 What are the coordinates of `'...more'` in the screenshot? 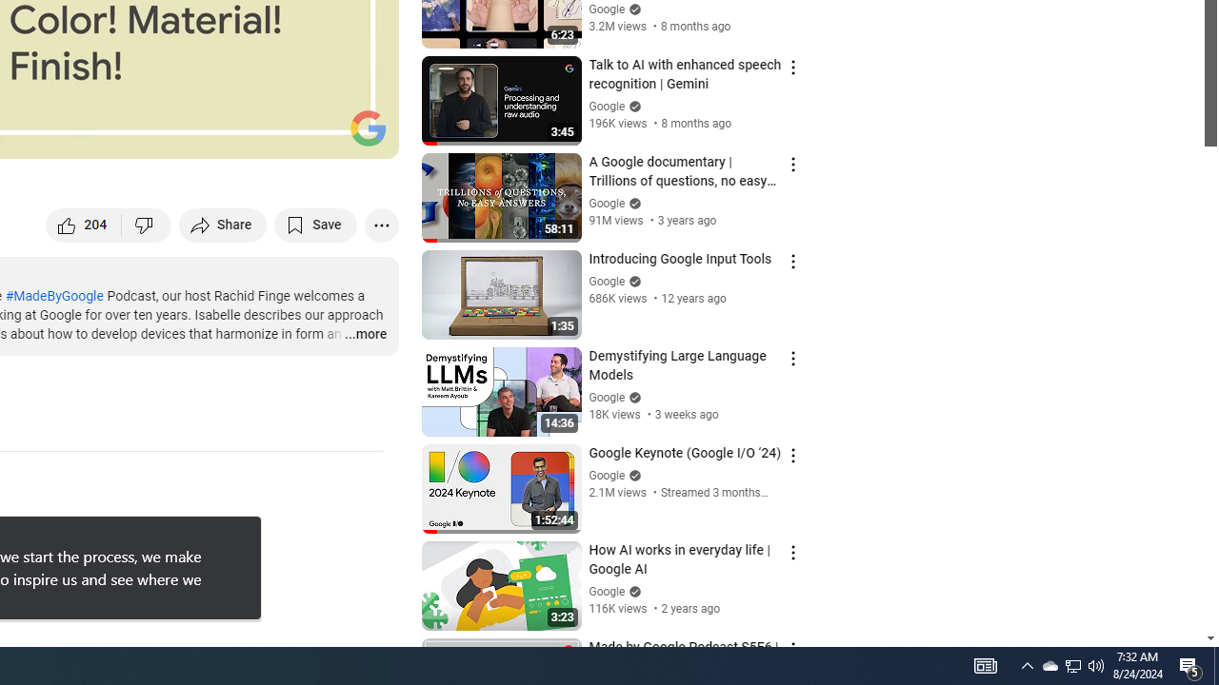 It's located at (365, 334).